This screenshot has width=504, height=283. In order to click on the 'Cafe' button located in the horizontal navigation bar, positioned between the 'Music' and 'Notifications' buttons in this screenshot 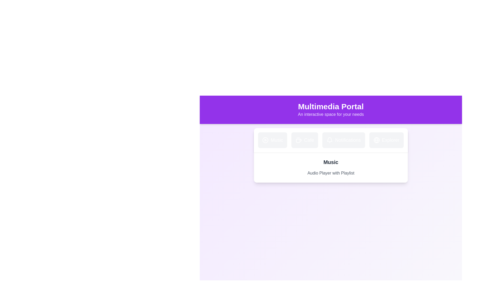, I will do `click(305, 140)`.